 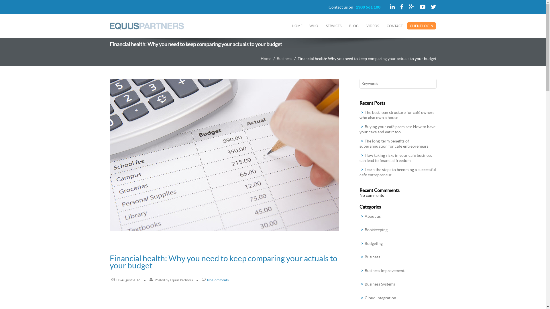 I want to click on 'Business Systems', so click(x=380, y=284).